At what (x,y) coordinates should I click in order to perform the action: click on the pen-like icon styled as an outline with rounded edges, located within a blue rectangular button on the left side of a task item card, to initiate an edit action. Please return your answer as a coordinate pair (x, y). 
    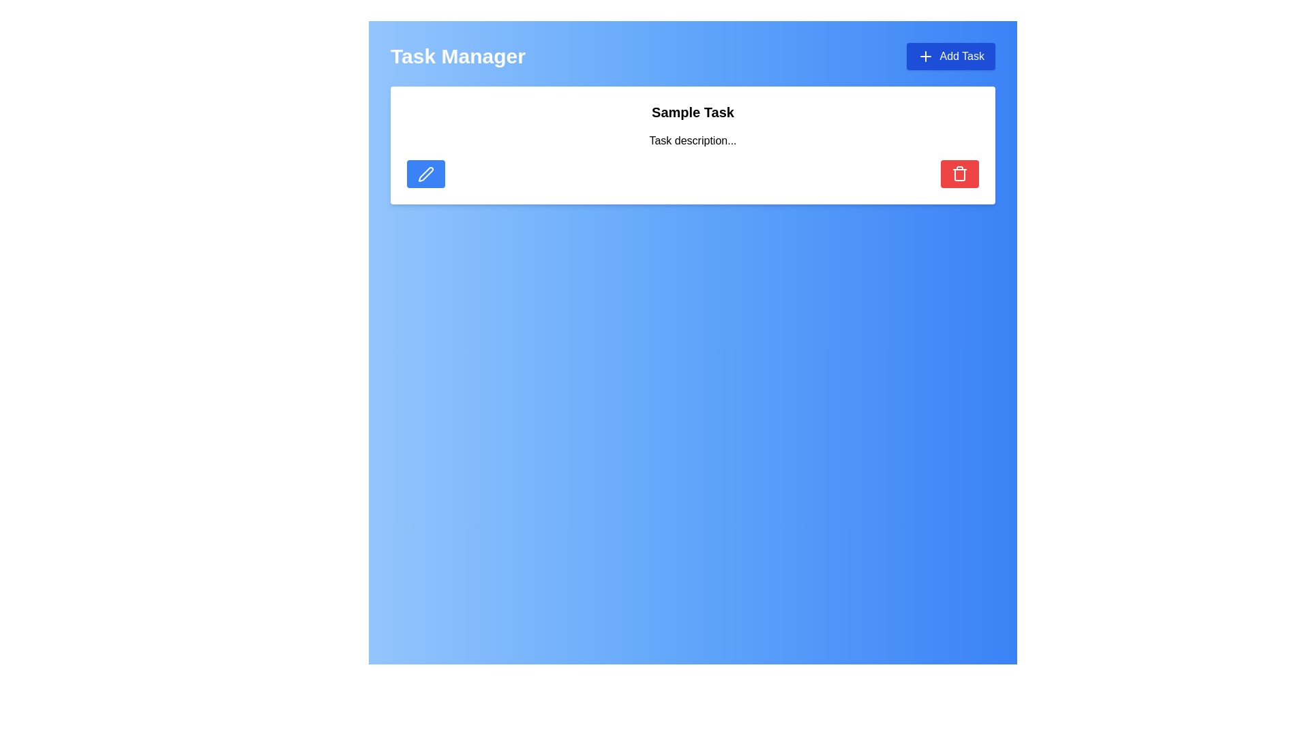
    Looking at the image, I should click on (425, 172).